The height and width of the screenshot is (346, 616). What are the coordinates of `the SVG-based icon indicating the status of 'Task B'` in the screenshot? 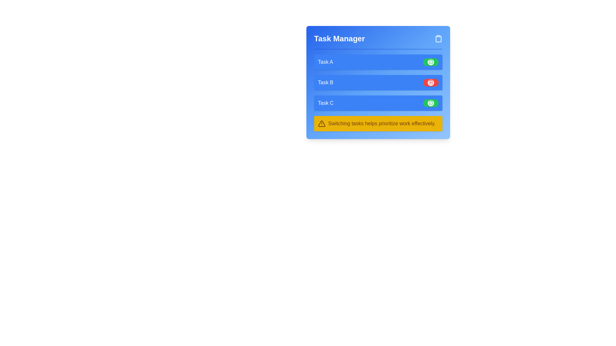 It's located at (431, 81).